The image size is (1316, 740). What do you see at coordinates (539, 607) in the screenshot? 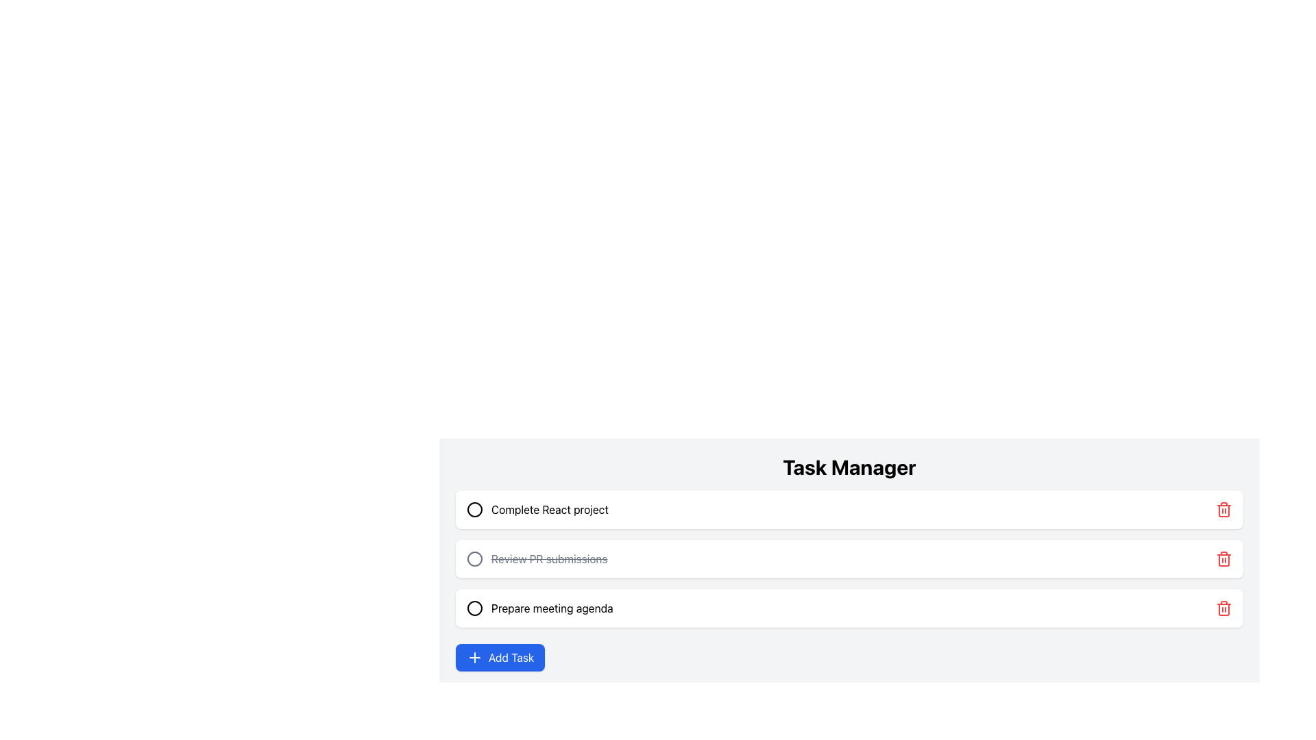
I see `the task item labeled 'Prepare meeting agenda' within the third card of the 'Task Manager' section` at bounding box center [539, 607].